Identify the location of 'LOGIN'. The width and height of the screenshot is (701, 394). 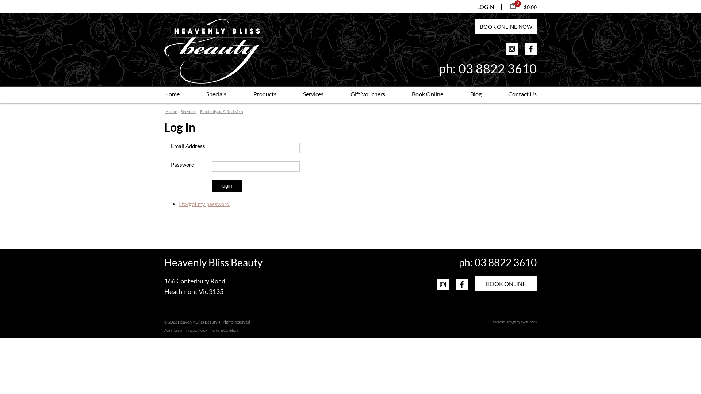
(489, 7).